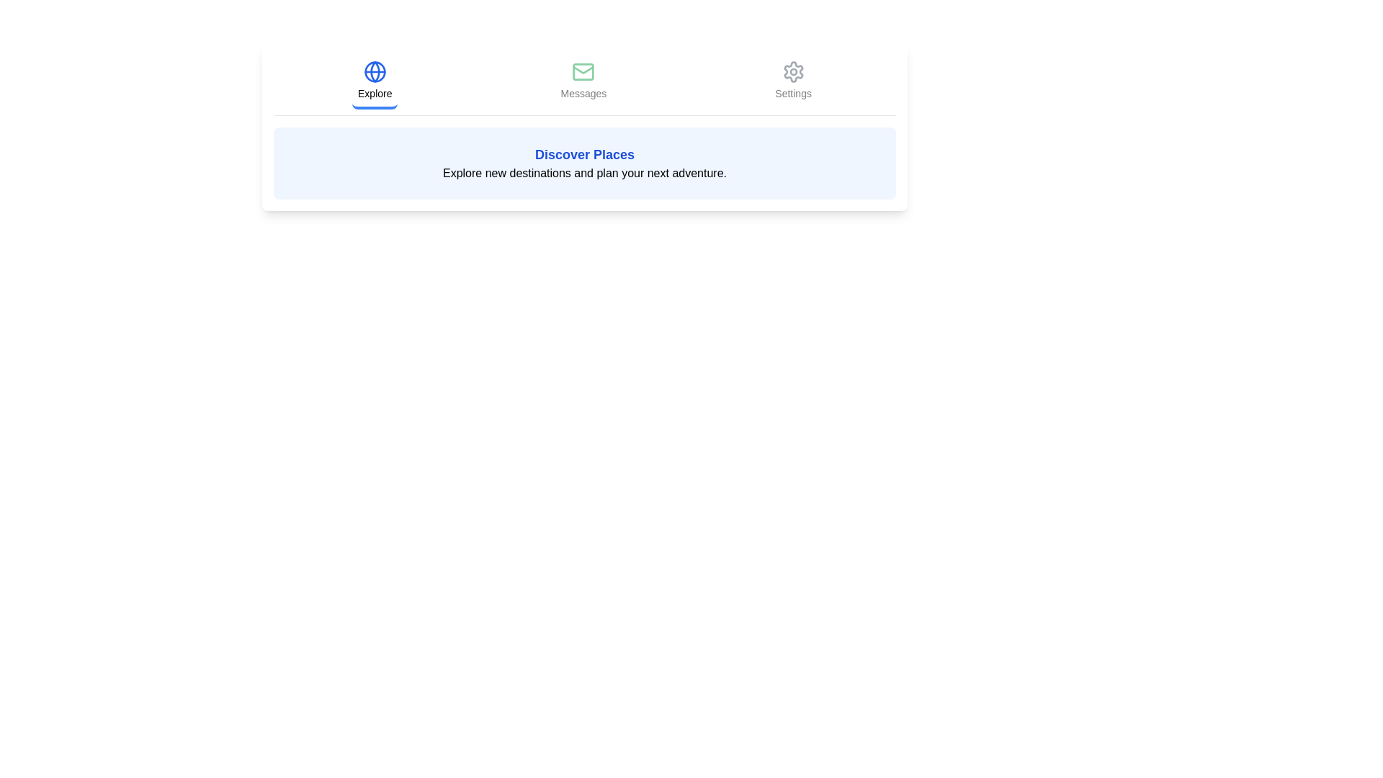 This screenshot has height=778, width=1383. I want to click on the Messages tab, so click(583, 82).